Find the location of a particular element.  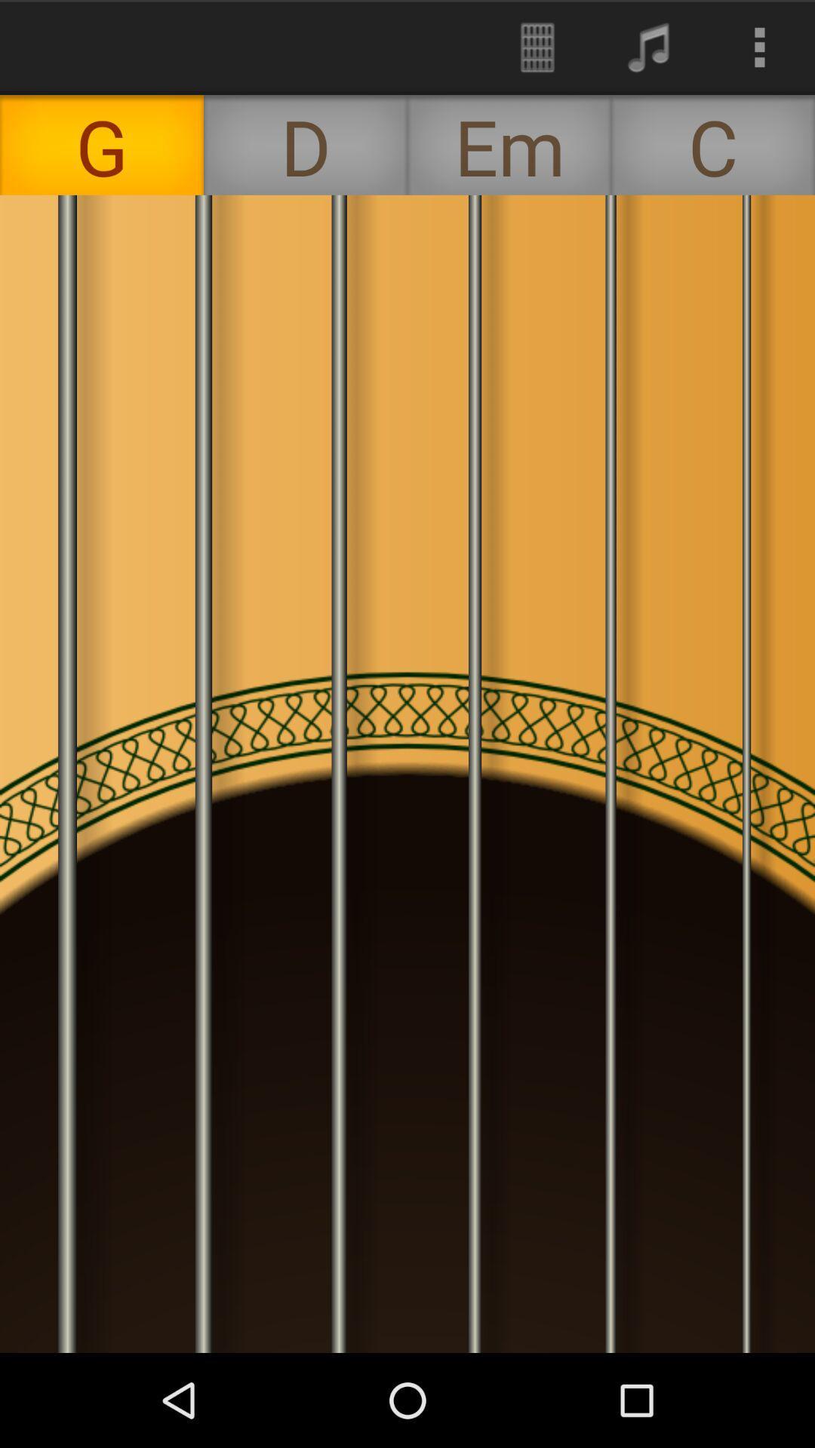

icon to the left of the em is located at coordinates (306, 145).